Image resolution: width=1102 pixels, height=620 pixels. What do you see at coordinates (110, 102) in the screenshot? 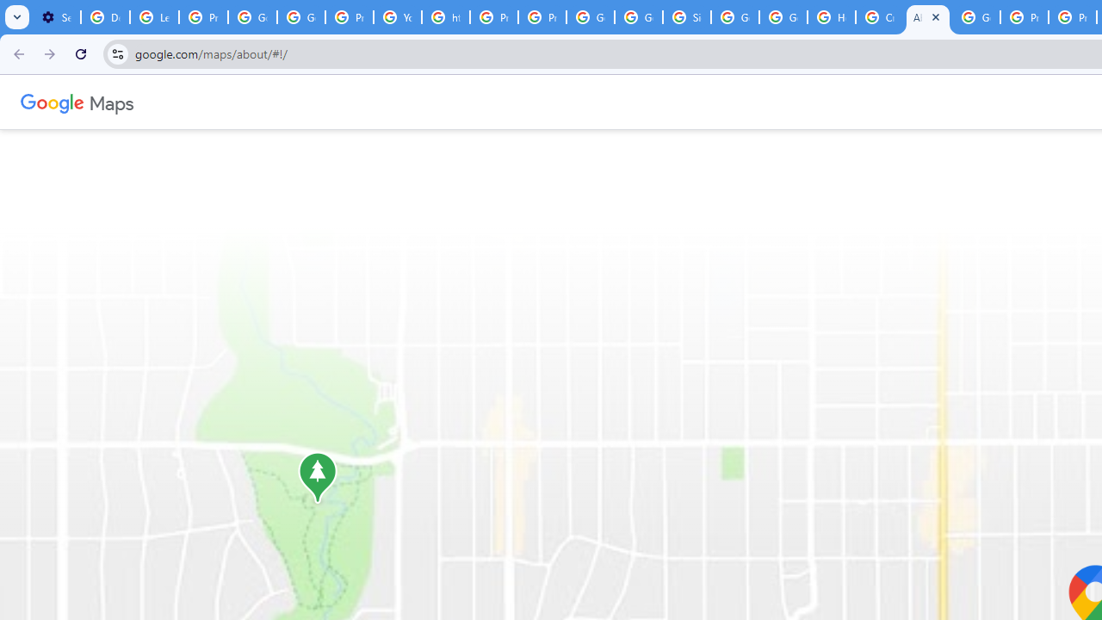
I see `'Maps'` at bounding box center [110, 102].